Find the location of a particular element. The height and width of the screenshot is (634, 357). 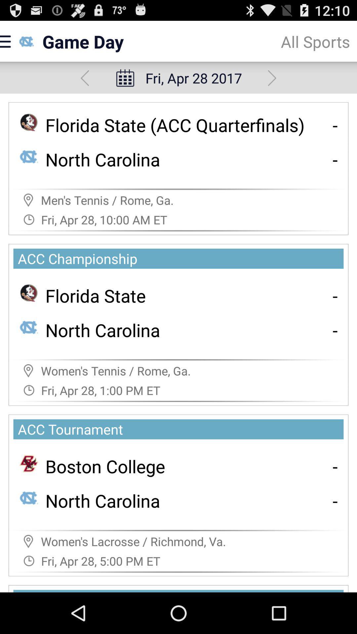

the item next to the north carolina item is located at coordinates (335, 159).